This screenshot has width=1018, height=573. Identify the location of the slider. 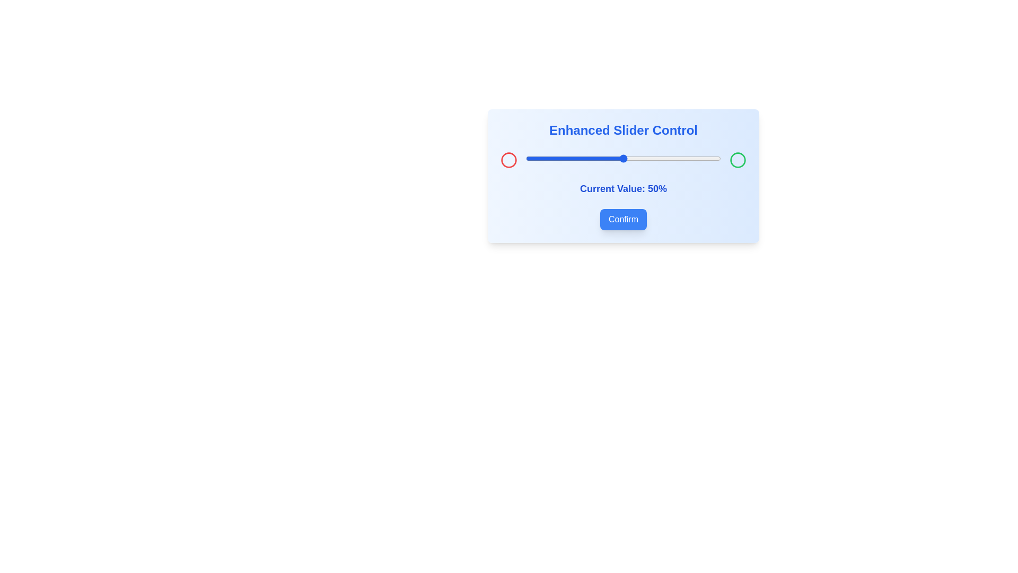
(562, 159).